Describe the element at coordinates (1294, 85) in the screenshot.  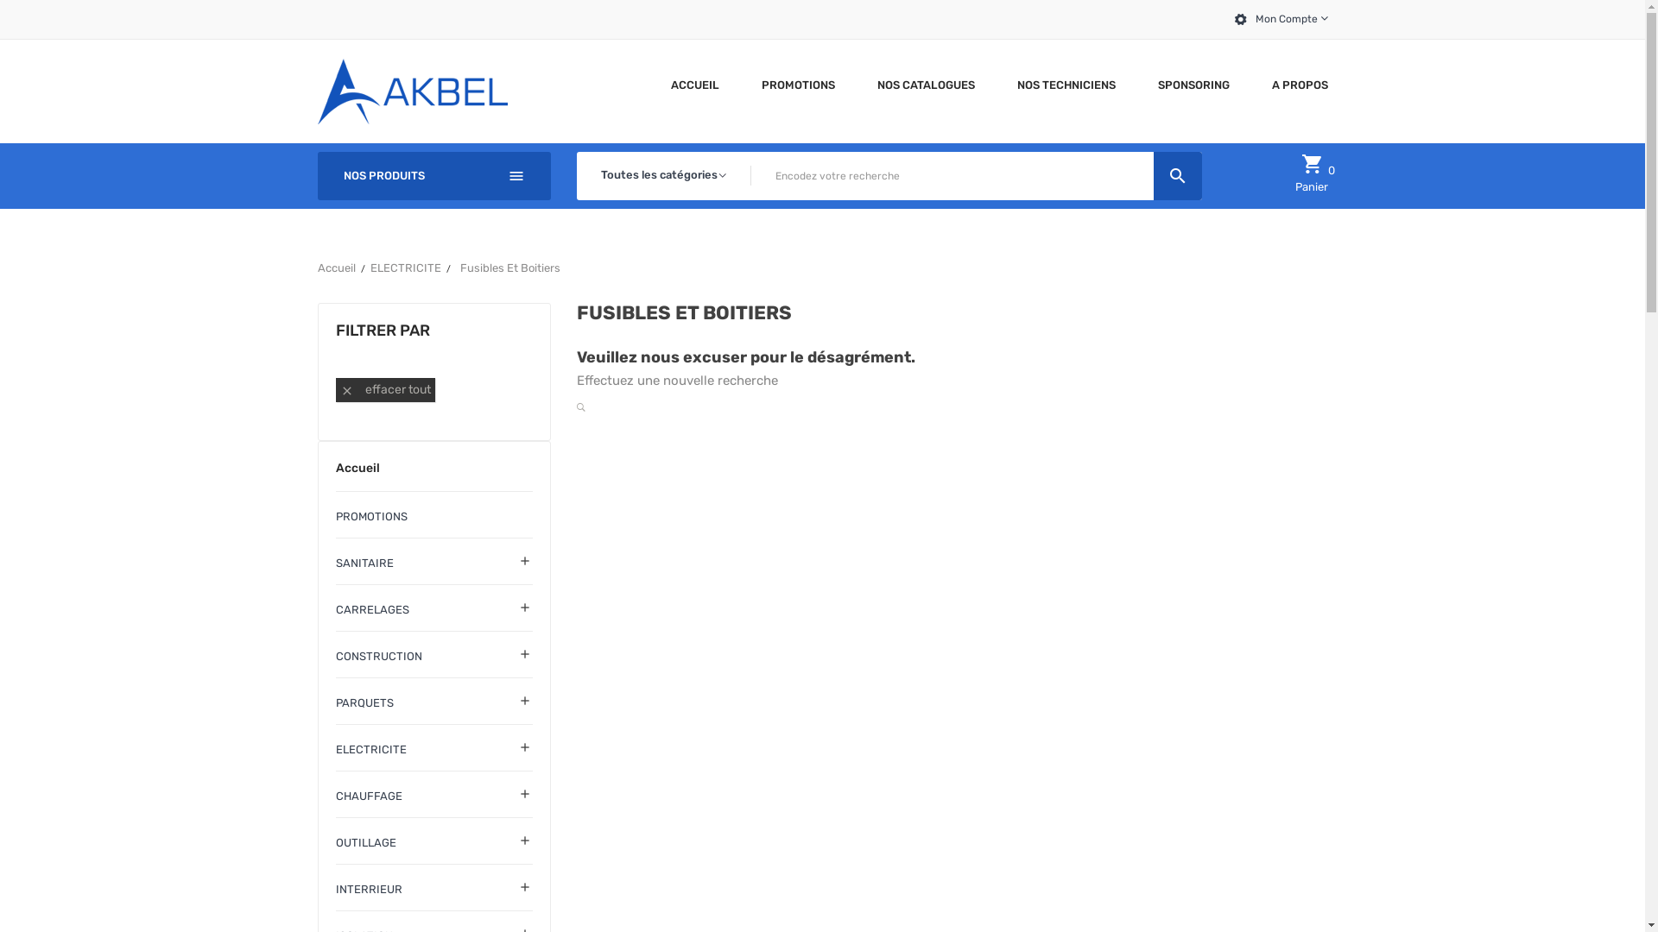
I see `'A PROPOS'` at that location.